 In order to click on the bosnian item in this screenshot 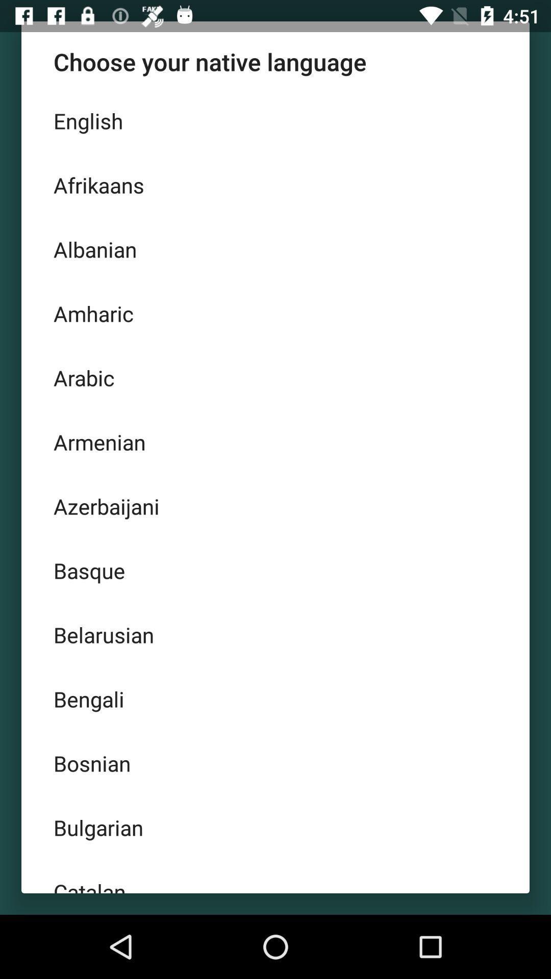, I will do `click(275, 763)`.